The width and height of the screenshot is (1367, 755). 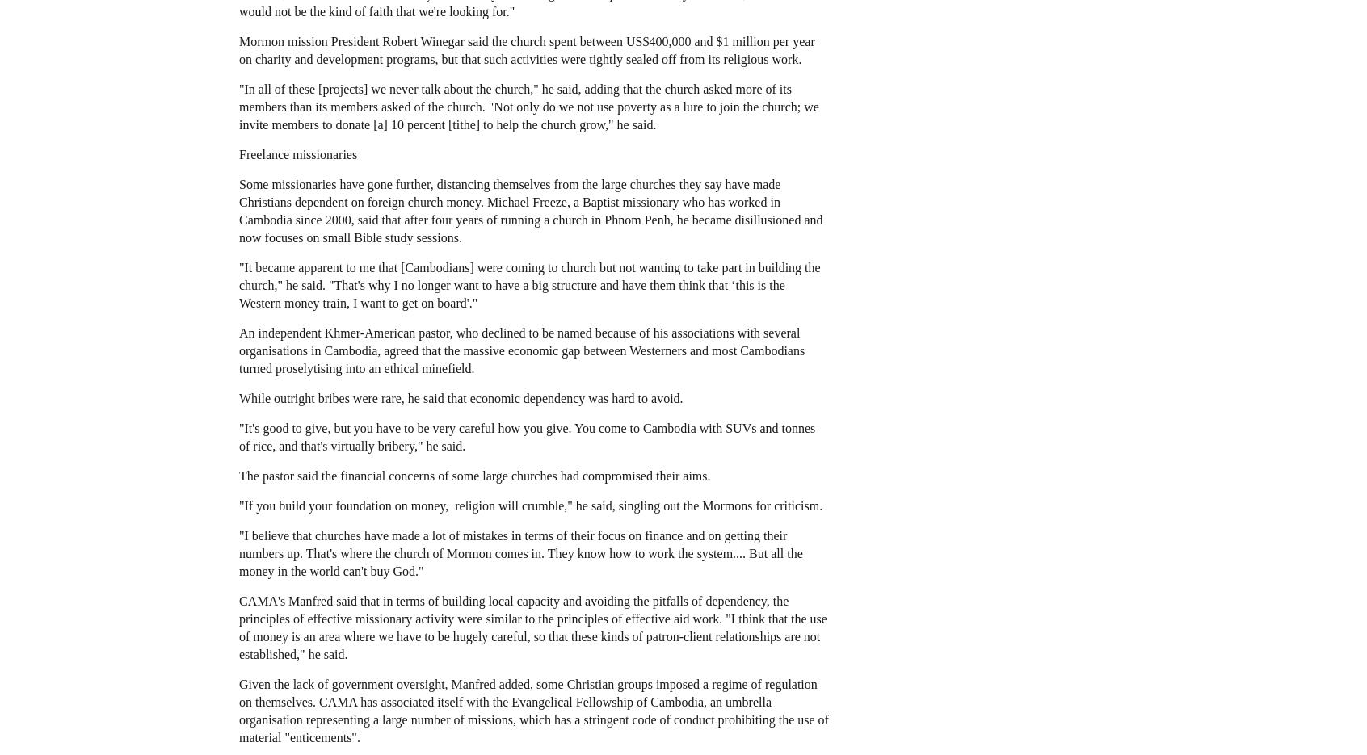 I want to click on 'CAMA's Manfred said that in terms of building local capacity and avoiding the pitfalls of dependency, the principles of effective missionary activity were similar to the principles of effective aid work. "I think that the use of money is an area where we have to be hugely careful, so that these kinds of patron-client relationships are not established," he said.', so click(x=532, y=626).